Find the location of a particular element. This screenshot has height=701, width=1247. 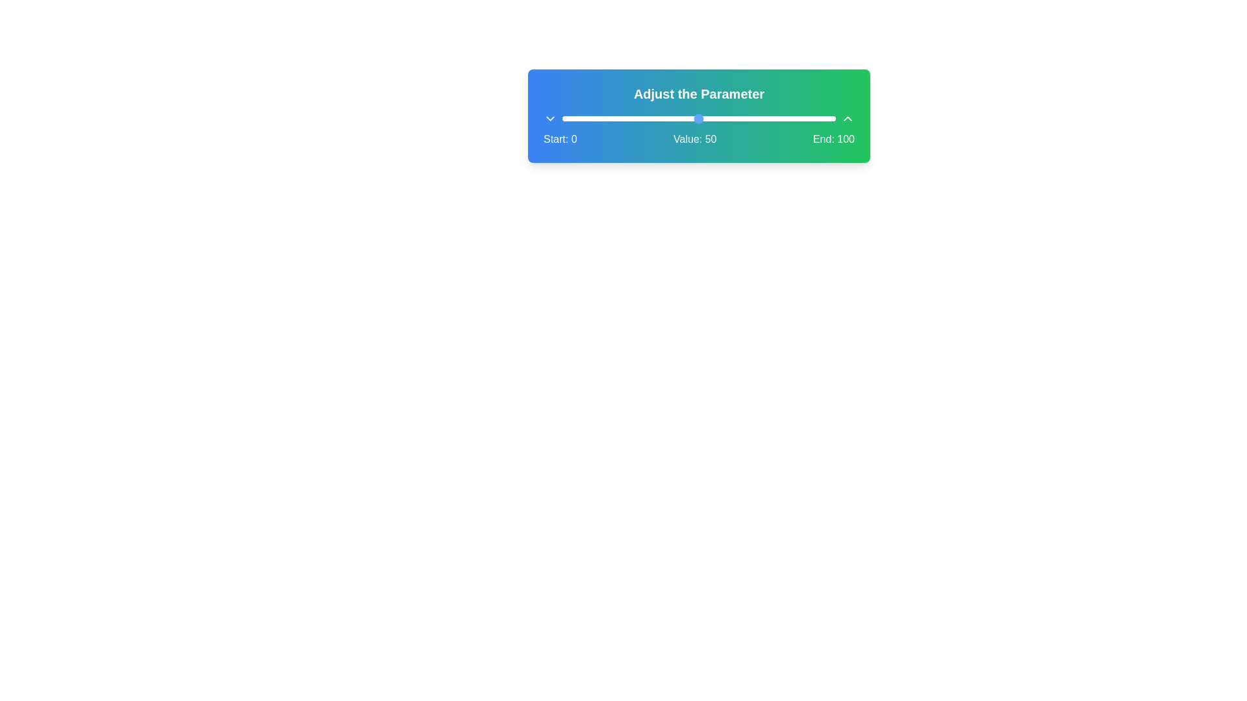

the slider is located at coordinates (788, 118).